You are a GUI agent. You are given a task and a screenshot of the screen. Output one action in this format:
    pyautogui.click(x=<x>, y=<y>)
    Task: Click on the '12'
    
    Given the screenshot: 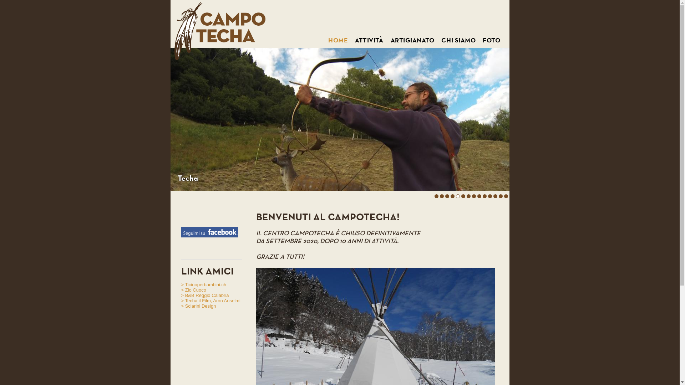 What is the action you would take?
    pyautogui.click(x=493, y=197)
    